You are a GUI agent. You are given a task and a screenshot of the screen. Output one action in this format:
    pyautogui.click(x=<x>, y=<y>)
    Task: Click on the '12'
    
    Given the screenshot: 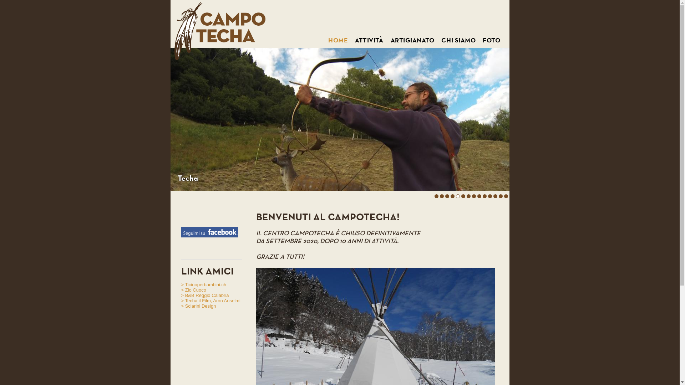 What is the action you would take?
    pyautogui.click(x=493, y=197)
    